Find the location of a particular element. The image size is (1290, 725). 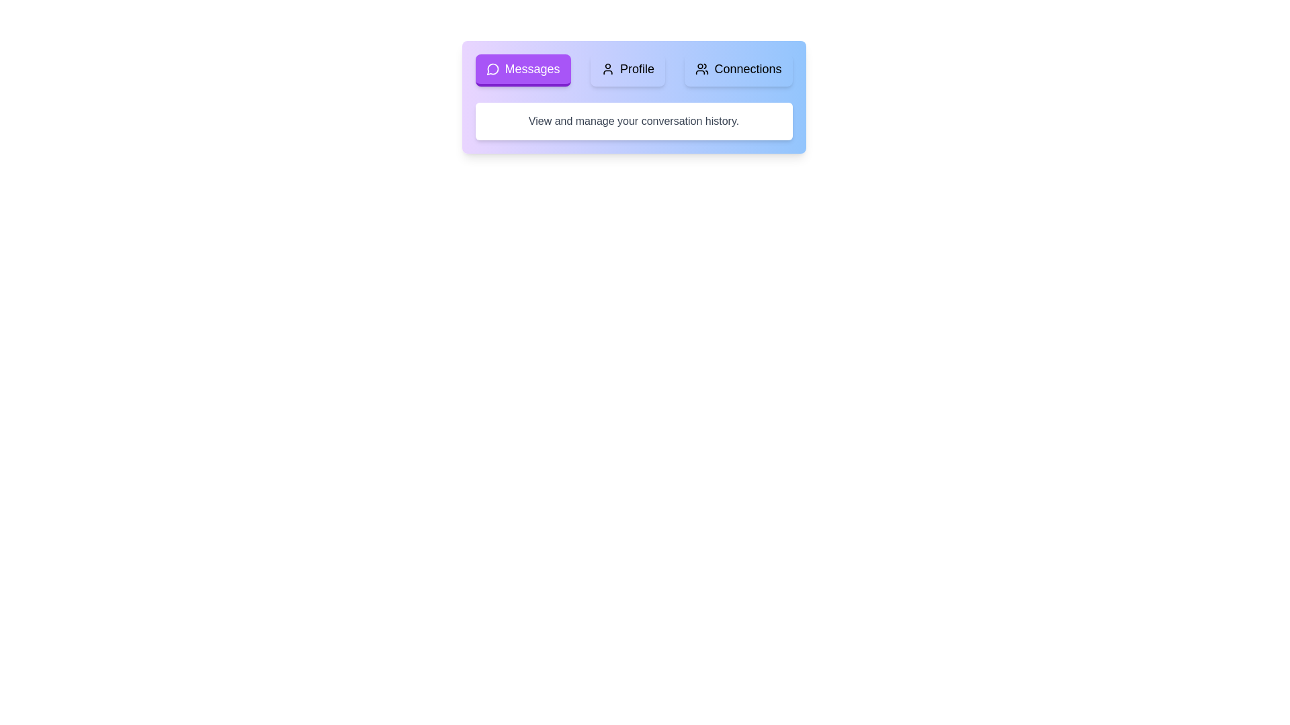

the leftmost navigation button is located at coordinates (522, 70).